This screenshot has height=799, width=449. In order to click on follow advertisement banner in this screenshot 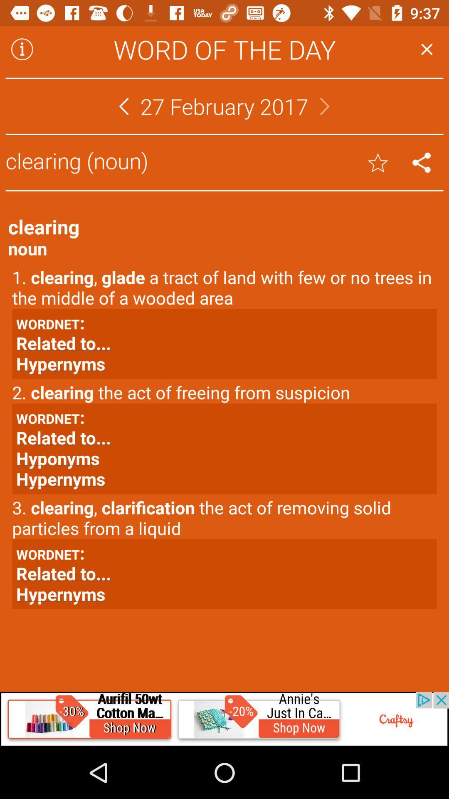, I will do `click(224, 719)`.